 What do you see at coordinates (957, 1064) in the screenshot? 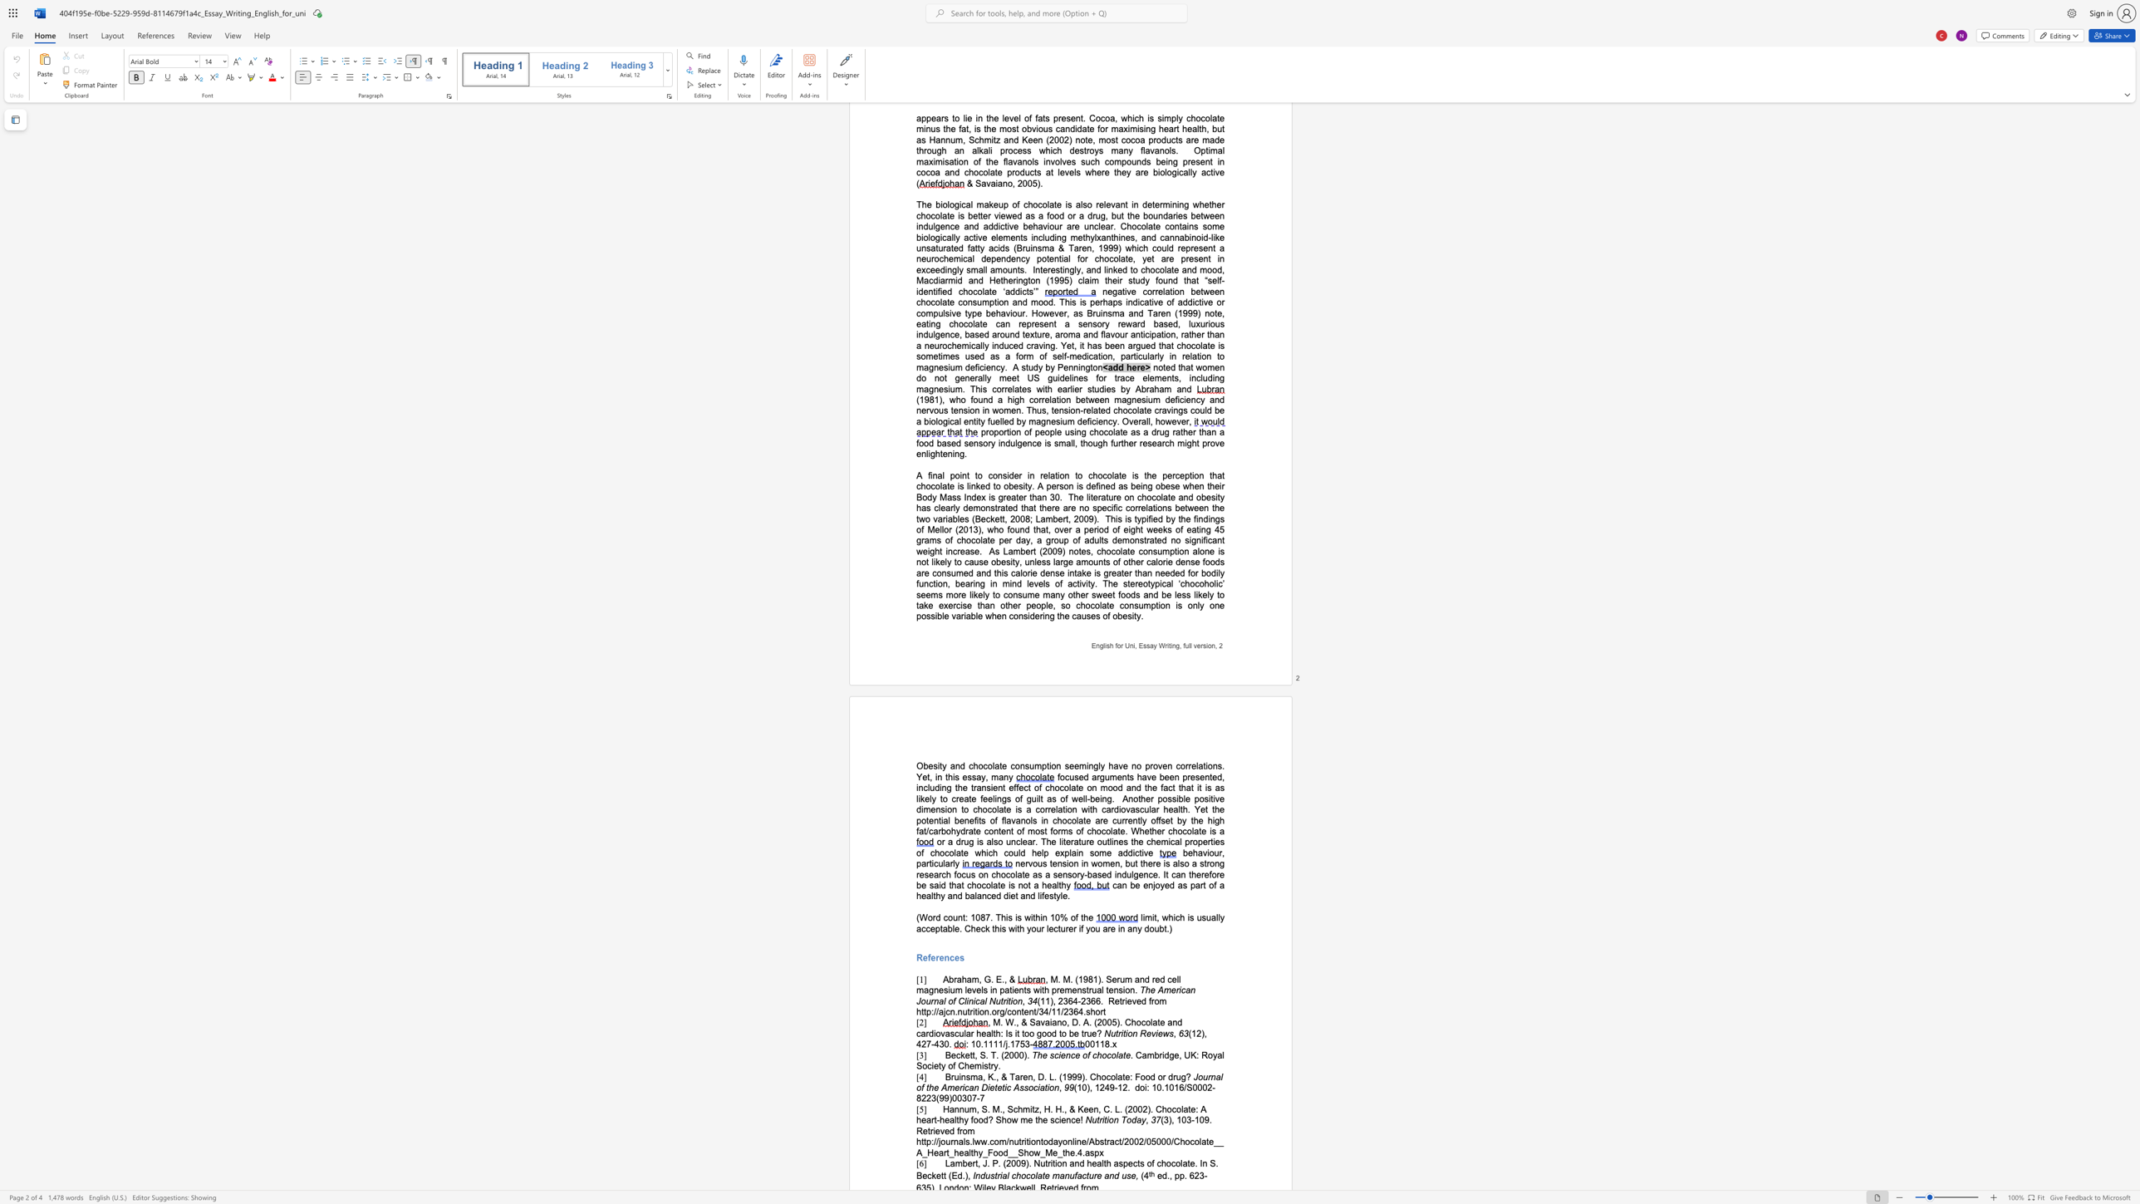
I see `the subset text "Chemist" within the text ". Cambridge, UK: Royal Society of Chemistry."` at bounding box center [957, 1064].